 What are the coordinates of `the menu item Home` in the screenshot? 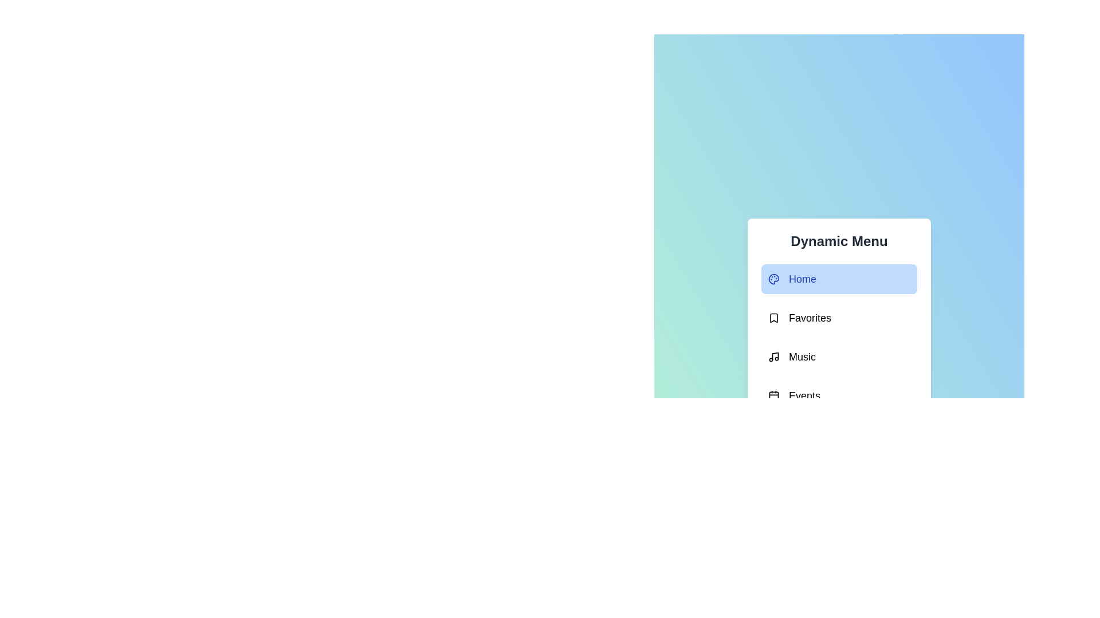 It's located at (839, 279).